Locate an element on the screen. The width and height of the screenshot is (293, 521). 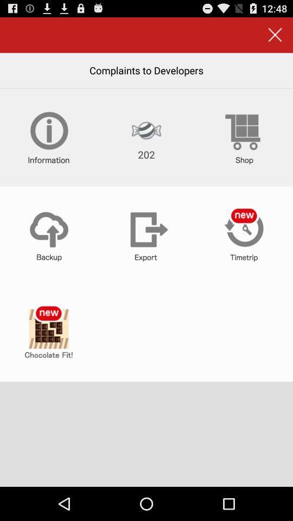
backup cloud data is located at coordinates (48, 235).